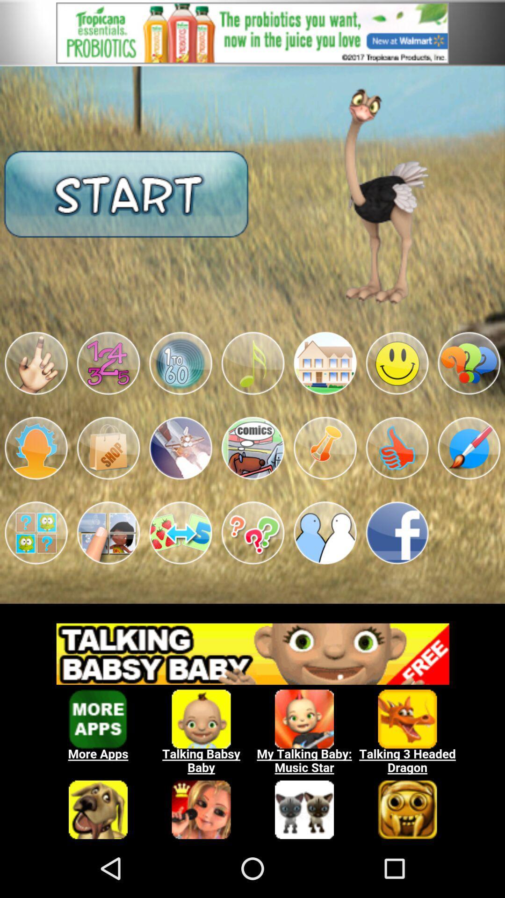  What do you see at coordinates (325, 570) in the screenshot?
I see `the group icon` at bounding box center [325, 570].